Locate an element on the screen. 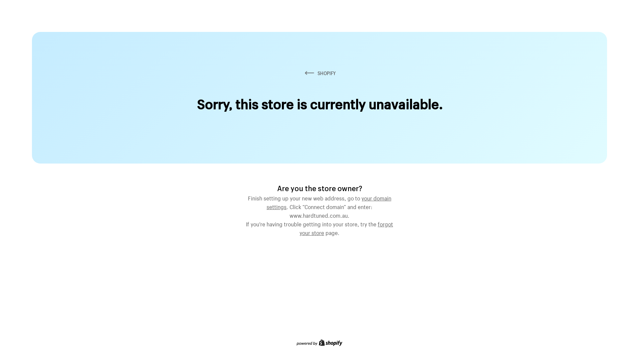 The height and width of the screenshot is (359, 639). 'SHOPIFY' is located at coordinates (319, 73).